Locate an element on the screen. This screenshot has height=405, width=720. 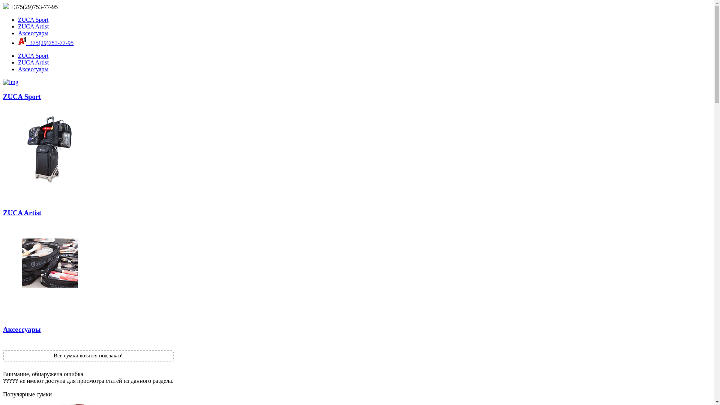
'ZUCA Sport' is located at coordinates (33, 19).